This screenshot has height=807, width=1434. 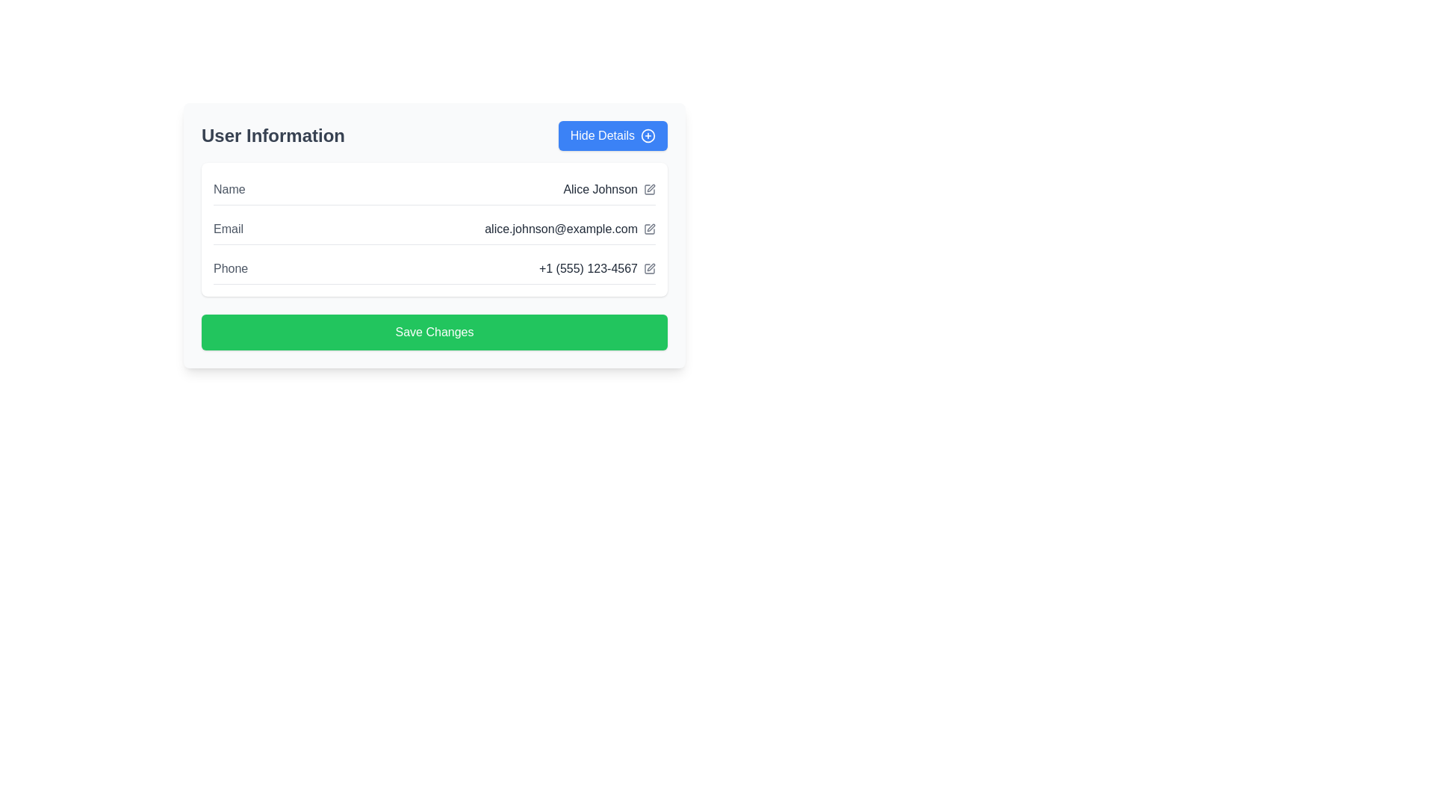 I want to click on the graphical icon shaped like a square with a distinct border located near the 'Phone' text field by clicking on it, so click(x=649, y=268).